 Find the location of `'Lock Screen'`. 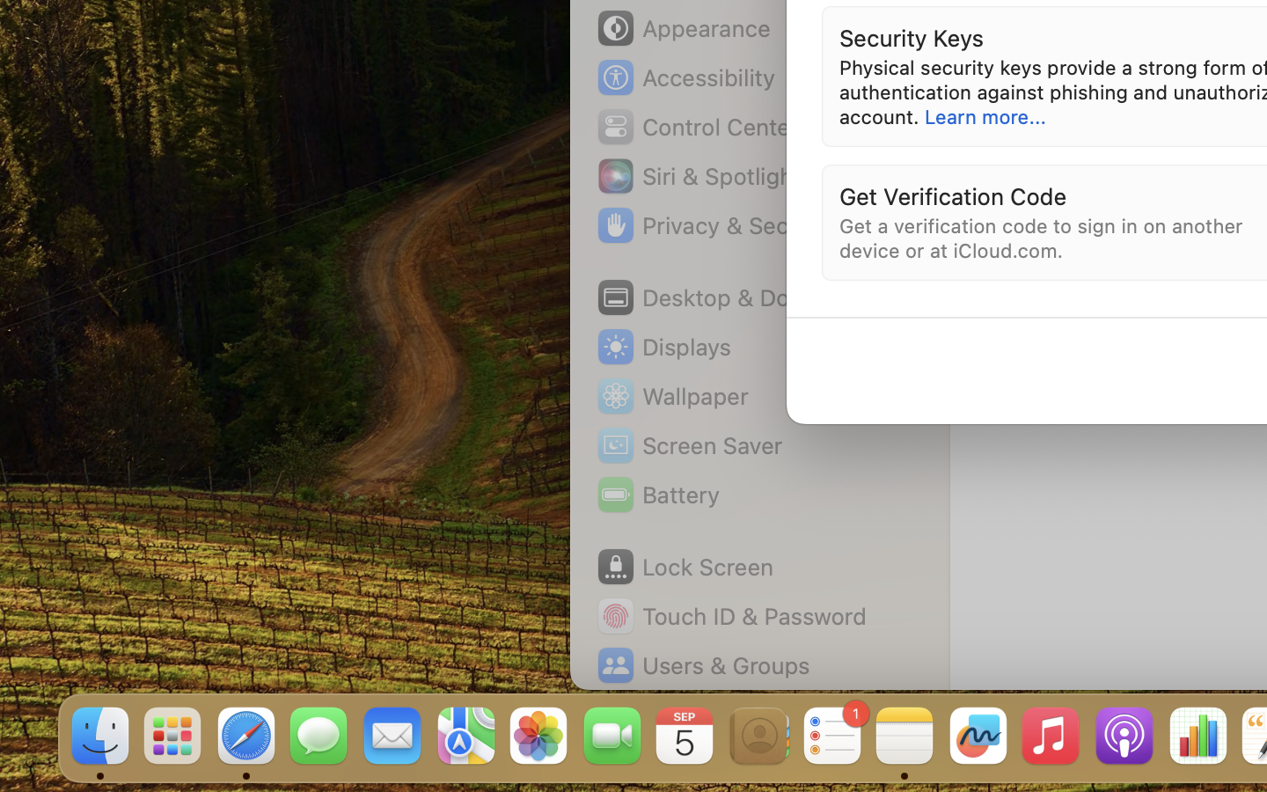

'Lock Screen' is located at coordinates (684, 567).